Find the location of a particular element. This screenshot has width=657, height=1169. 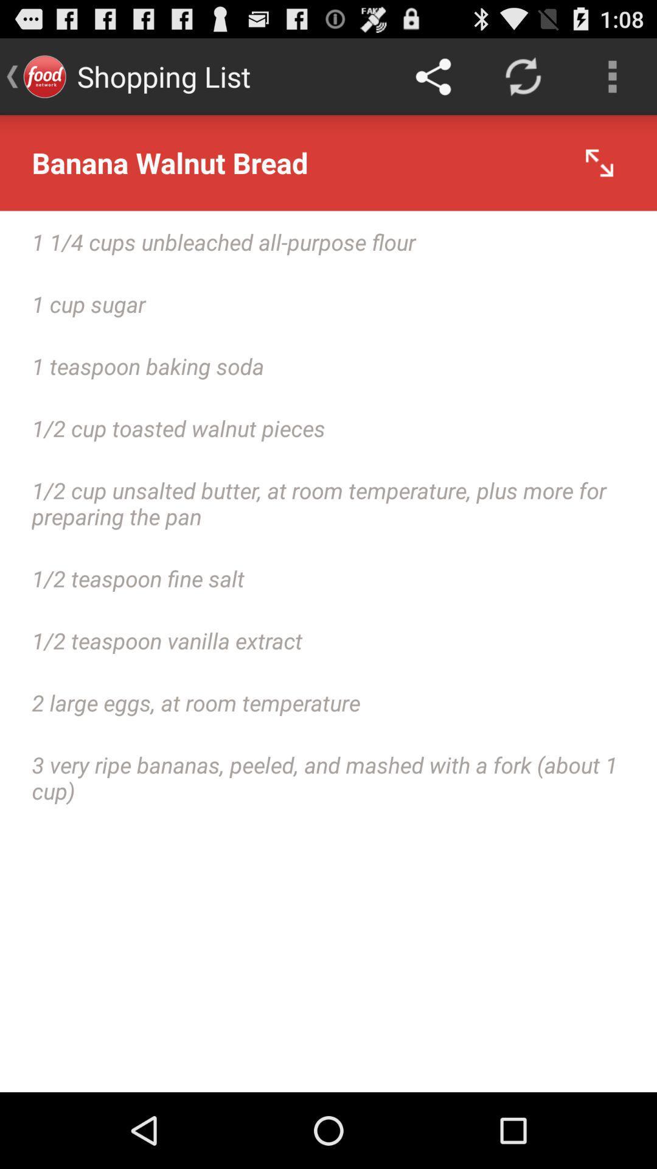

the icon above the banana walnut bread icon is located at coordinates (433, 75).